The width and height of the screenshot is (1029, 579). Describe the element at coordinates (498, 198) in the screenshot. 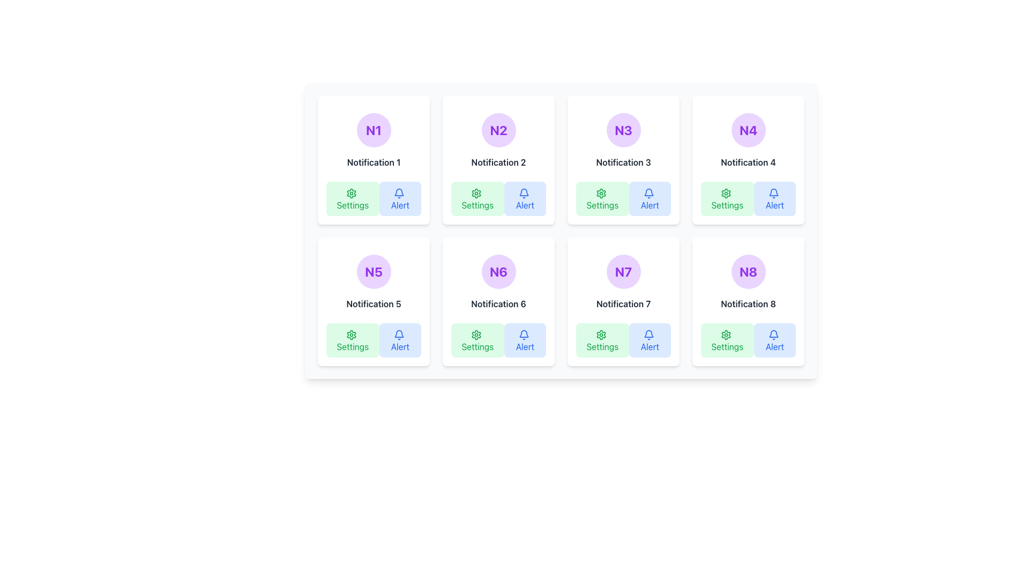

I see `the 'Settings' or 'Alert' button in the Button Group located in the 'Notification 2' card` at that location.